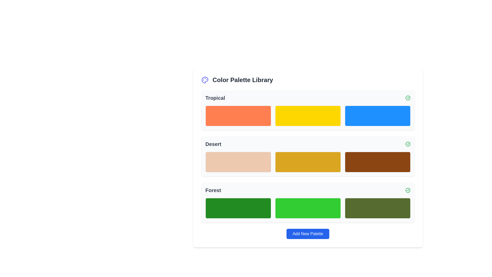 The width and height of the screenshot is (492, 277). Describe the element at coordinates (204, 80) in the screenshot. I see `the blue palette icon with color dots located before the text 'Color Palette Library'` at that location.